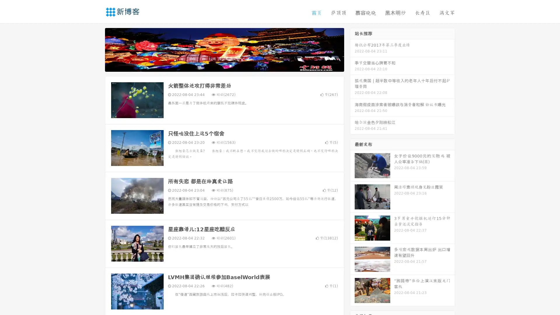 The width and height of the screenshot is (560, 315). I want to click on Go to slide 2, so click(224, 66).